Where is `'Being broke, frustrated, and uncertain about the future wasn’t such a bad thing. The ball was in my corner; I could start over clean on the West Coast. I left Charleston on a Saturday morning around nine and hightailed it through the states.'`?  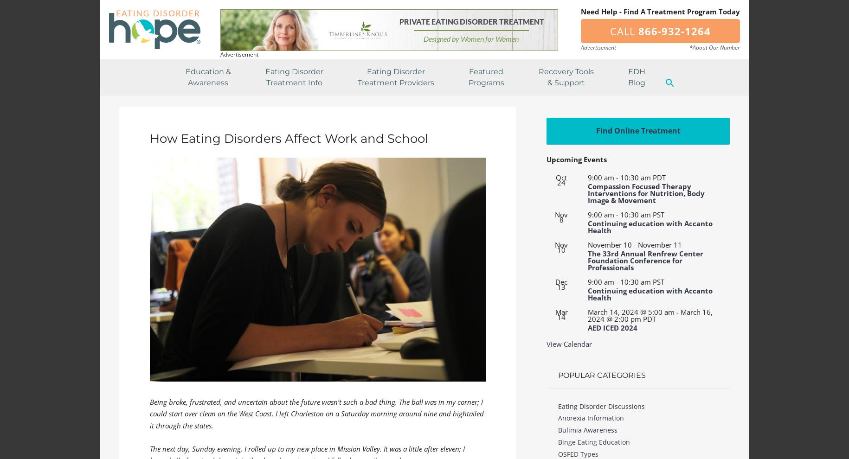 'Being broke, frustrated, and uncertain about the future wasn’t such a bad thing. The ball was in my corner; I could start over clean on the West Coast. I left Charleston on a Saturday morning around nine and hightailed it through the states.' is located at coordinates (316, 413).